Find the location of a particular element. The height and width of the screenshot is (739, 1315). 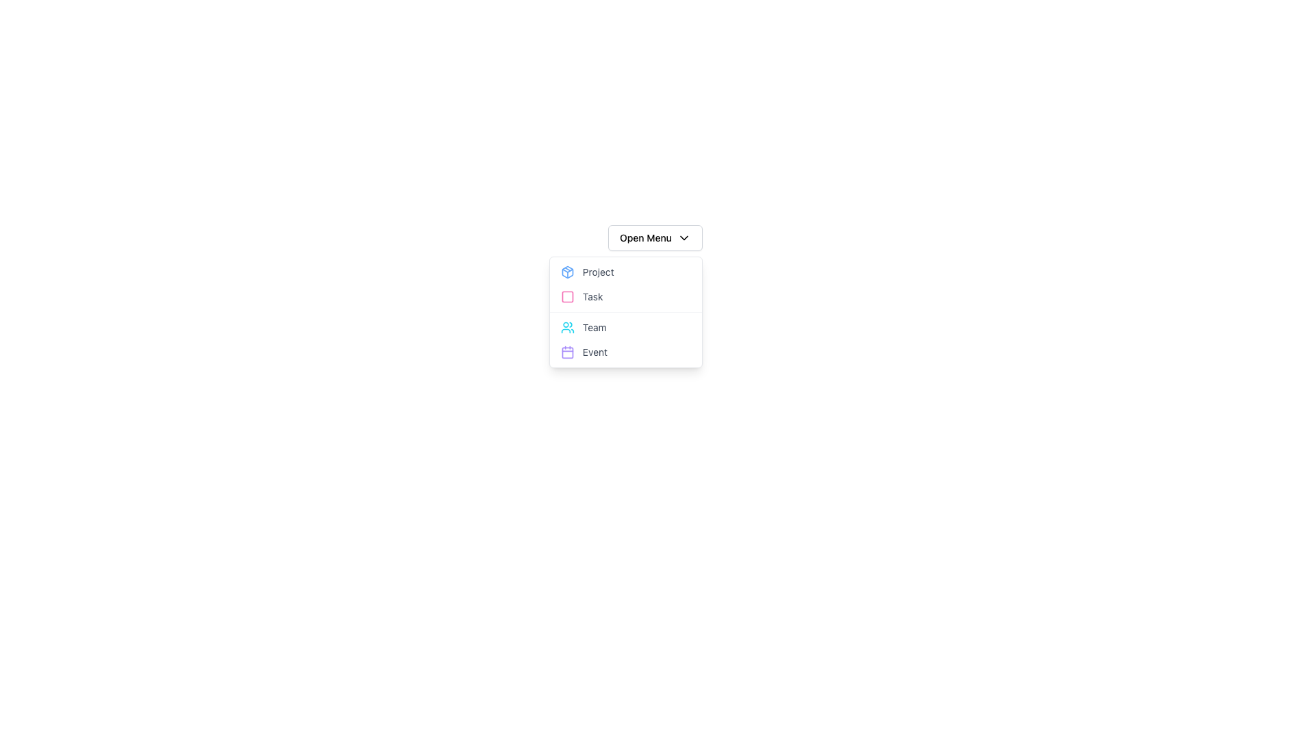

the first graphical icon in the 'Task' row of the dropdown menu is located at coordinates (567, 296).